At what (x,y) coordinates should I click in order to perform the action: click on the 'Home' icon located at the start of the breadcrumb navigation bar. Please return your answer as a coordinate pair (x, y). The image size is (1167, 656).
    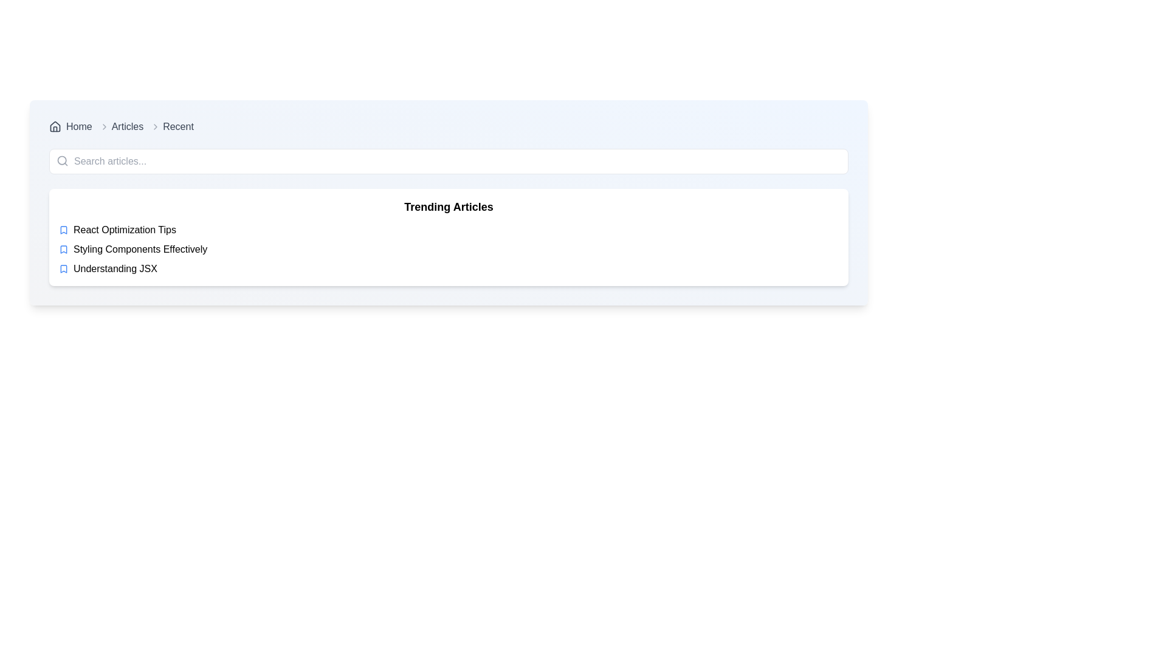
    Looking at the image, I should click on (55, 126).